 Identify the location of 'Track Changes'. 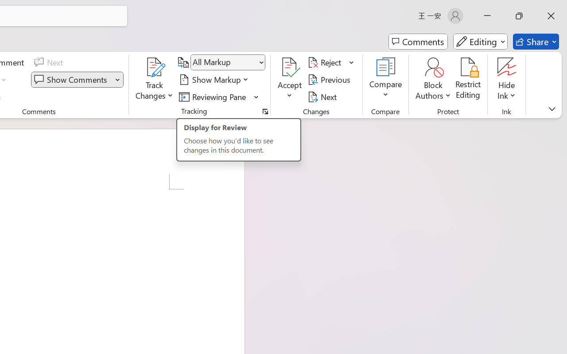
(155, 79).